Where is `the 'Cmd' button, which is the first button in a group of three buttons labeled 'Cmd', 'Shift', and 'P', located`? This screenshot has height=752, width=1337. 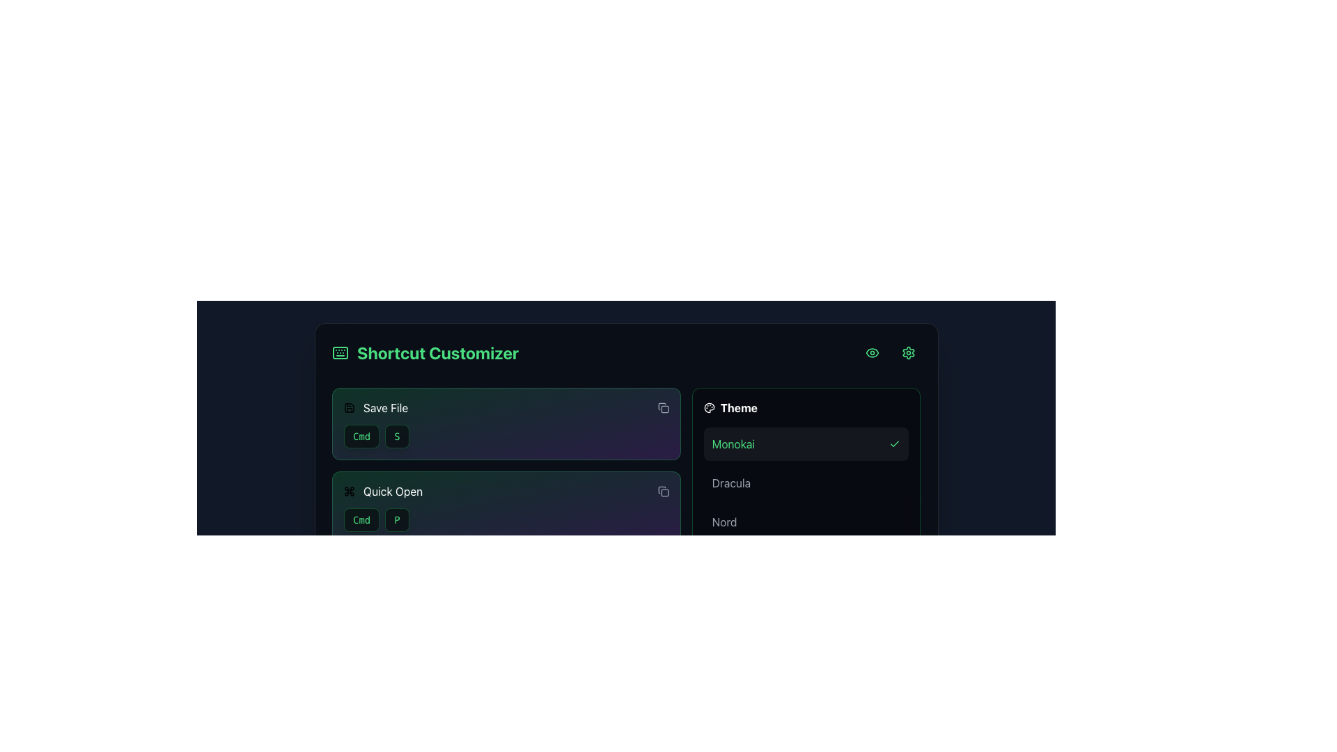 the 'Cmd' button, which is the first button in a group of three buttons labeled 'Cmd', 'Shift', and 'P', located is located at coordinates (361, 603).